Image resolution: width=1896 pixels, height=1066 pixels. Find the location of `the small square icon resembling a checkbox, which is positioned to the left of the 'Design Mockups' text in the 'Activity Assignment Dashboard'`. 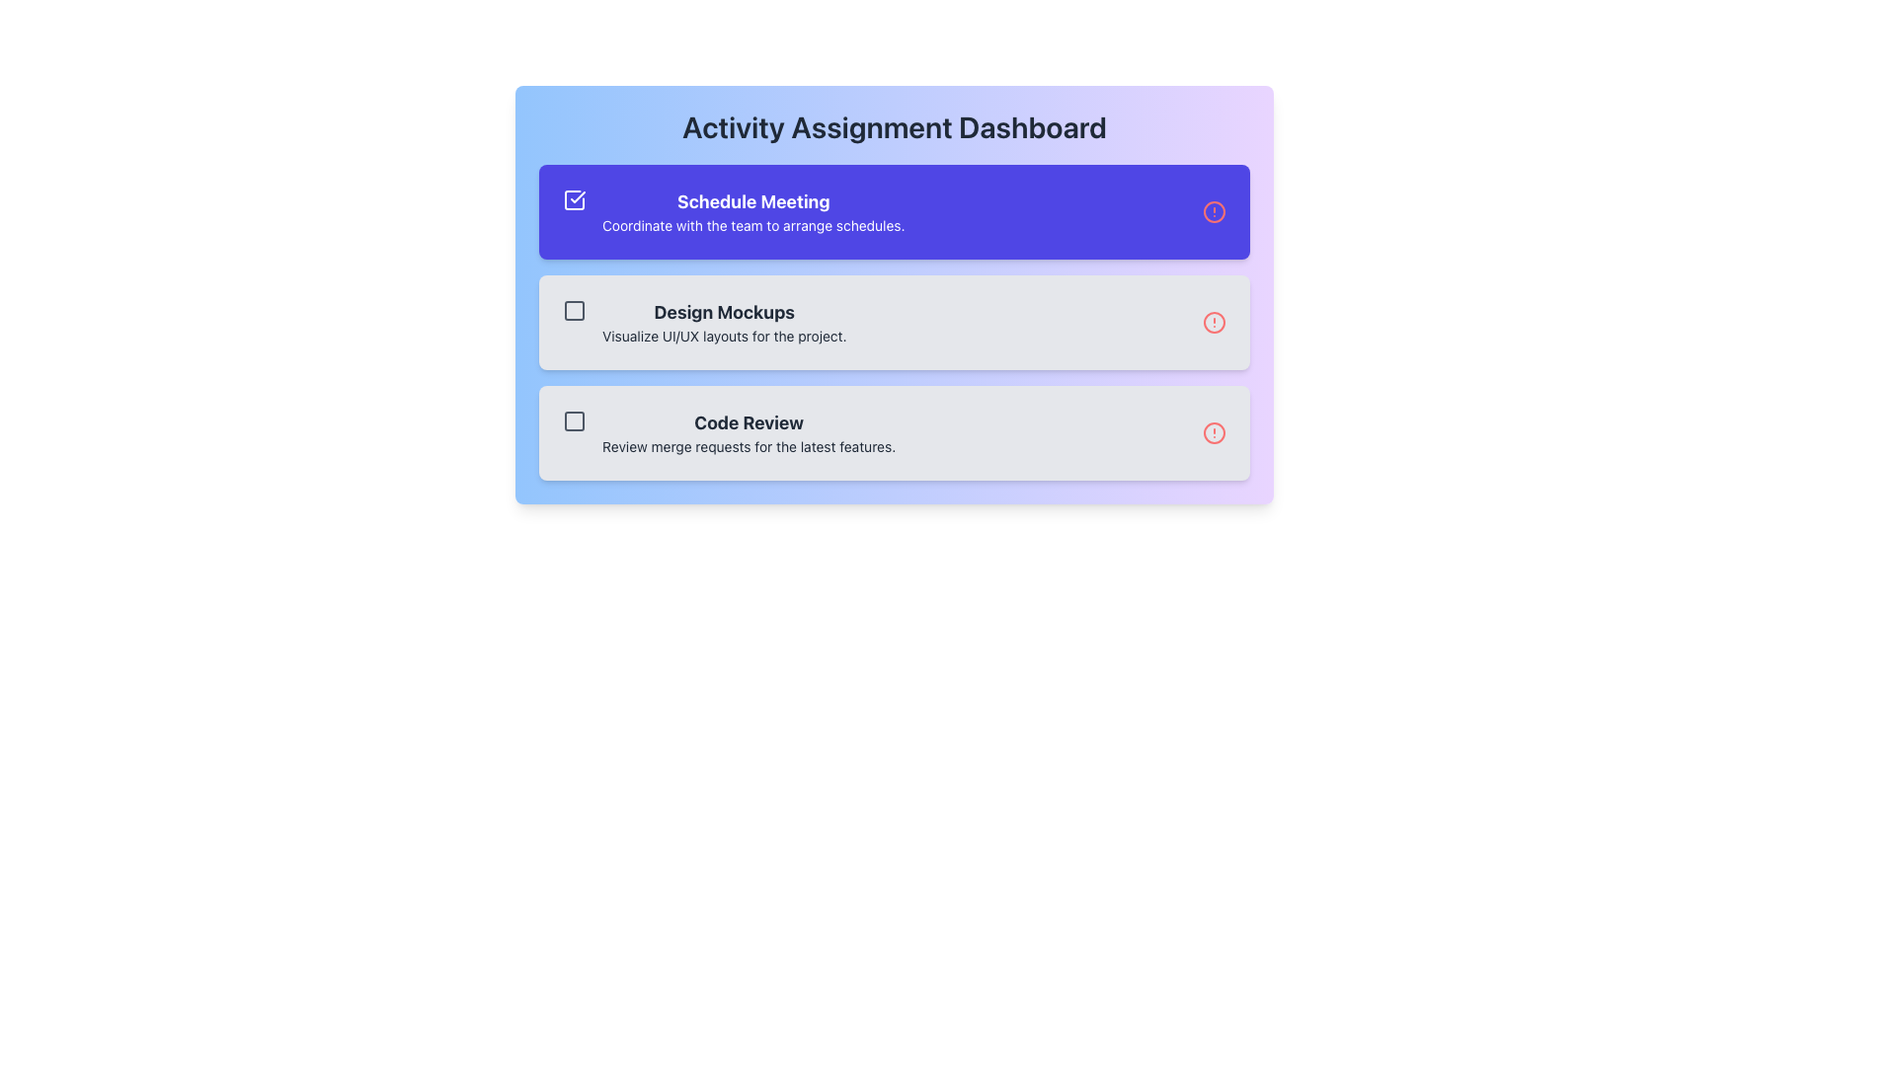

the small square icon resembling a checkbox, which is positioned to the left of the 'Design Mockups' text in the 'Activity Assignment Dashboard' is located at coordinates (573, 311).